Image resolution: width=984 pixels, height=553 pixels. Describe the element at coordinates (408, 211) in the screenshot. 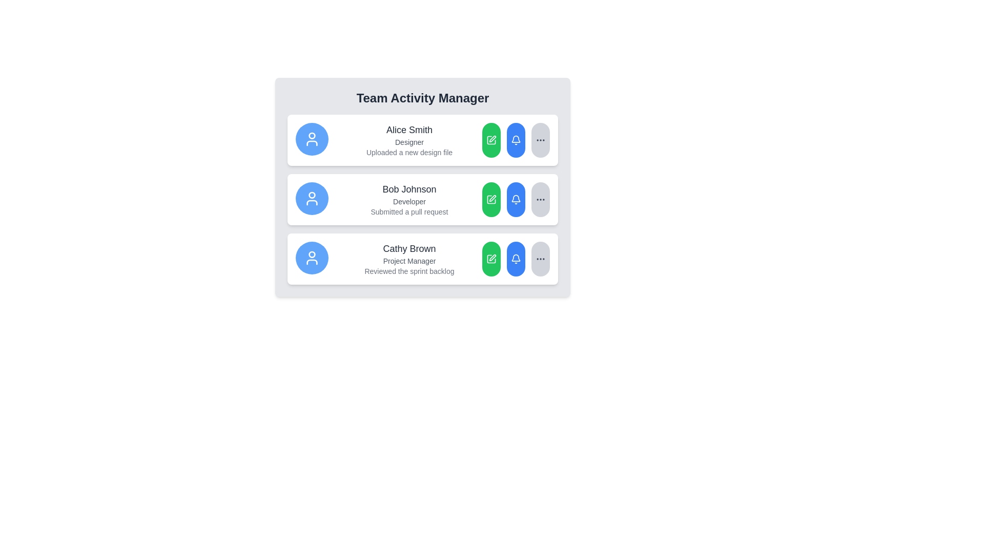

I see `the text label that says 'Submitted a pull request', which is styled in gray and positioned below 'Bob Johnson' and the 'Developer' label in the 'Team Activity Manager' list` at that location.